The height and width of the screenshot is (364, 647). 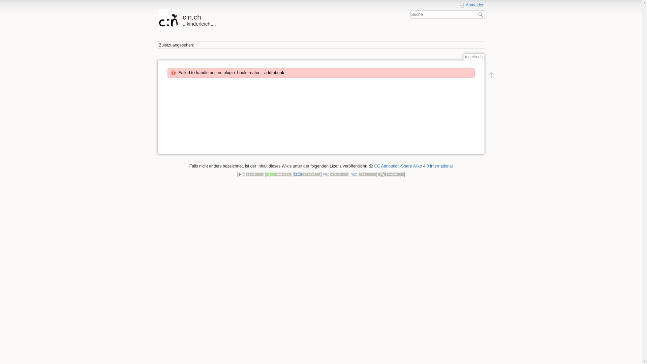 I want to click on 'Driven by DokuWiki', so click(x=391, y=174).